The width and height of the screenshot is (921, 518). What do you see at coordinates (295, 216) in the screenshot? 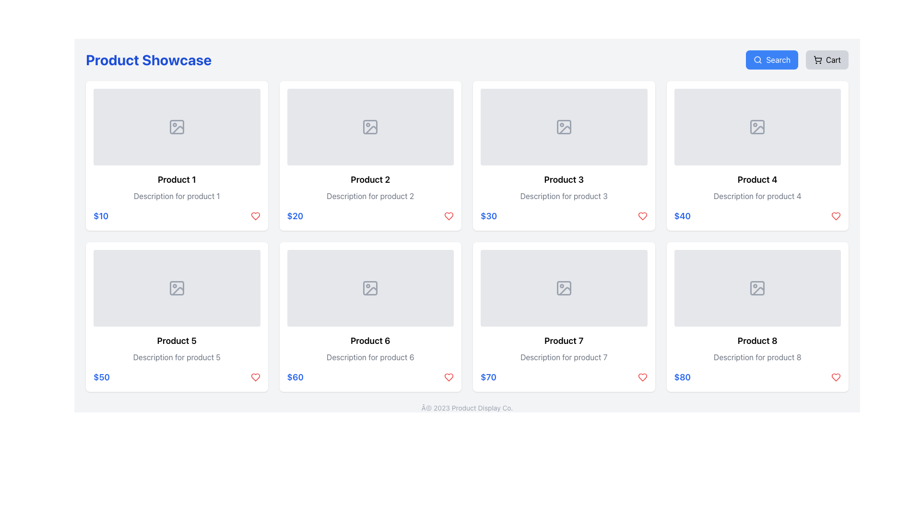
I see `price label located at the bottom-left corner of the second product card in the first row, which is immediately to the left of a heart-shaped icon` at bounding box center [295, 216].